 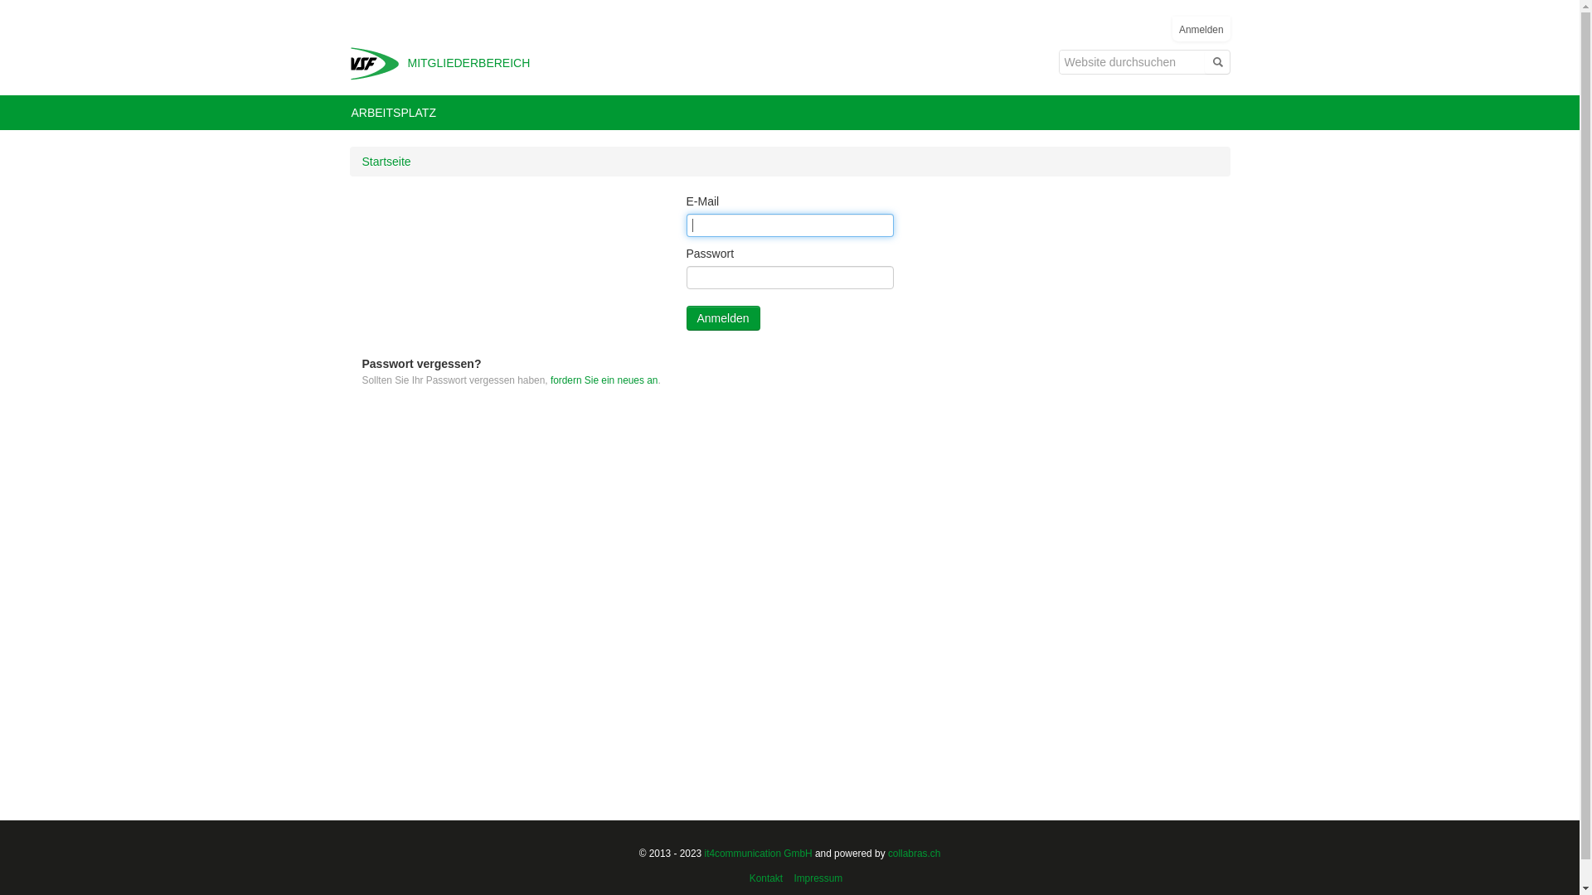 I want to click on 'ARBEITSPLATZ', so click(x=337, y=112).